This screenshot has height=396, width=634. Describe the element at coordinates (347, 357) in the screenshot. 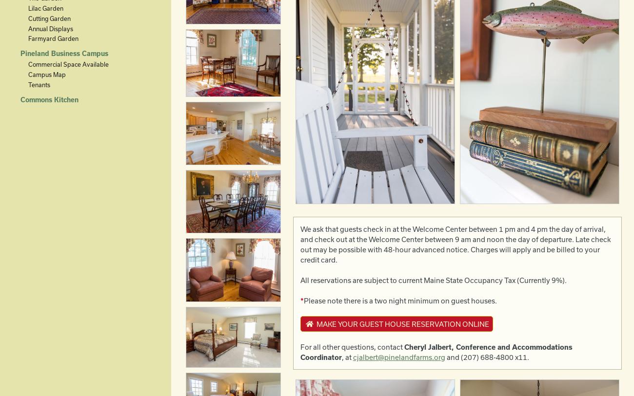

I see `', at'` at that location.